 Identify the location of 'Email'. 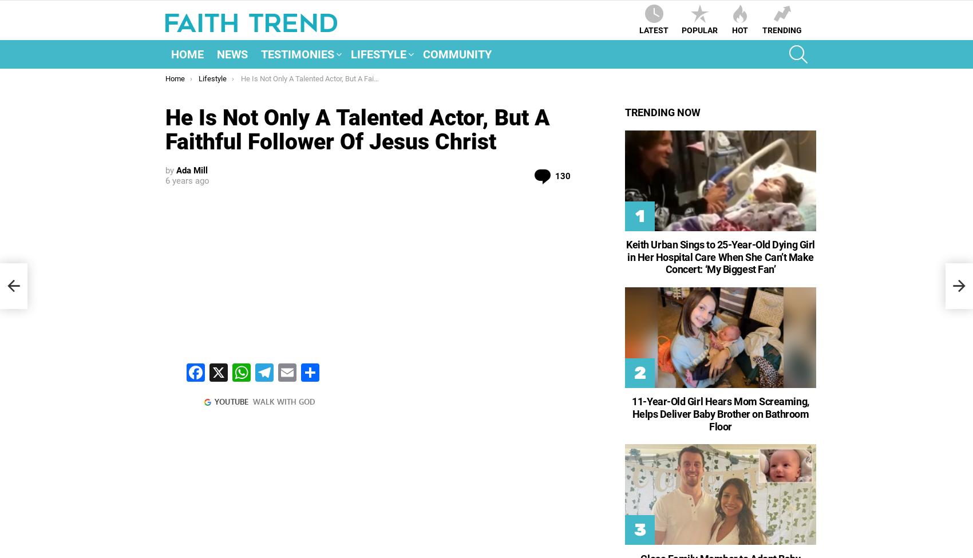
(304, 399).